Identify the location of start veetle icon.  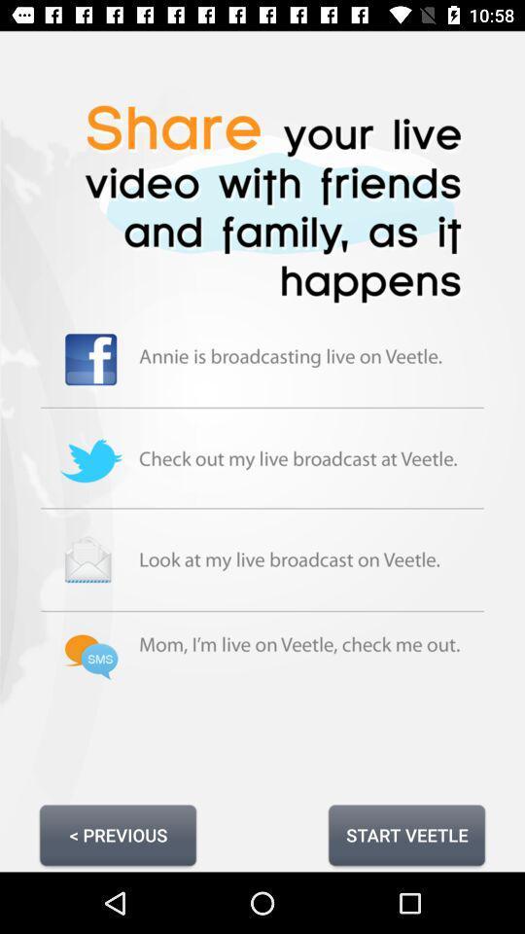
(405, 834).